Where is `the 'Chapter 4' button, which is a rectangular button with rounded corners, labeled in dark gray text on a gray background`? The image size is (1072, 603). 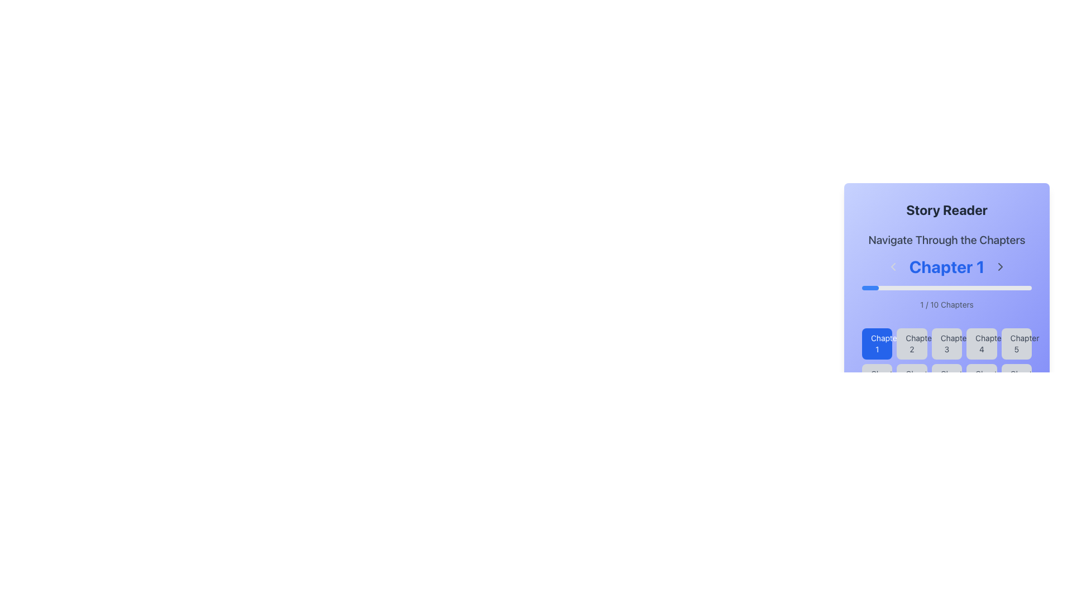 the 'Chapter 4' button, which is a rectangular button with rounded corners, labeled in dark gray text on a gray background is located at coordinates (981, 343).